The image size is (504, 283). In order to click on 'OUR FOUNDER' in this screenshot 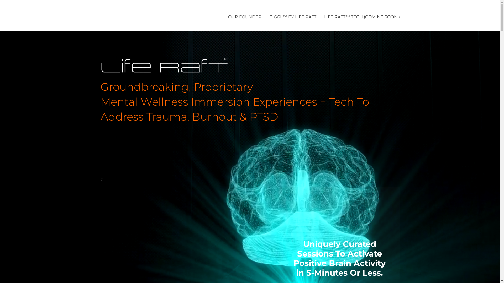, I will do `click(228, 17)`.